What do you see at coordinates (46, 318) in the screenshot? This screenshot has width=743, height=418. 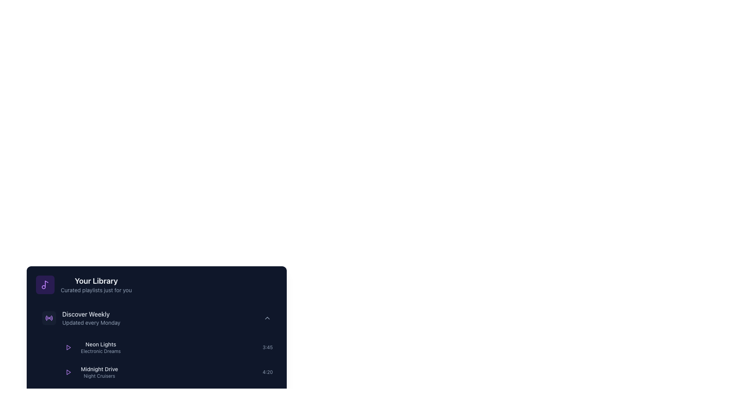 I see `the first curved line segment of the SVG icon, which is styled with a thin stroke and is part of a circular pattern located below the 'Your Library' text` at bounding box center [46, 318].